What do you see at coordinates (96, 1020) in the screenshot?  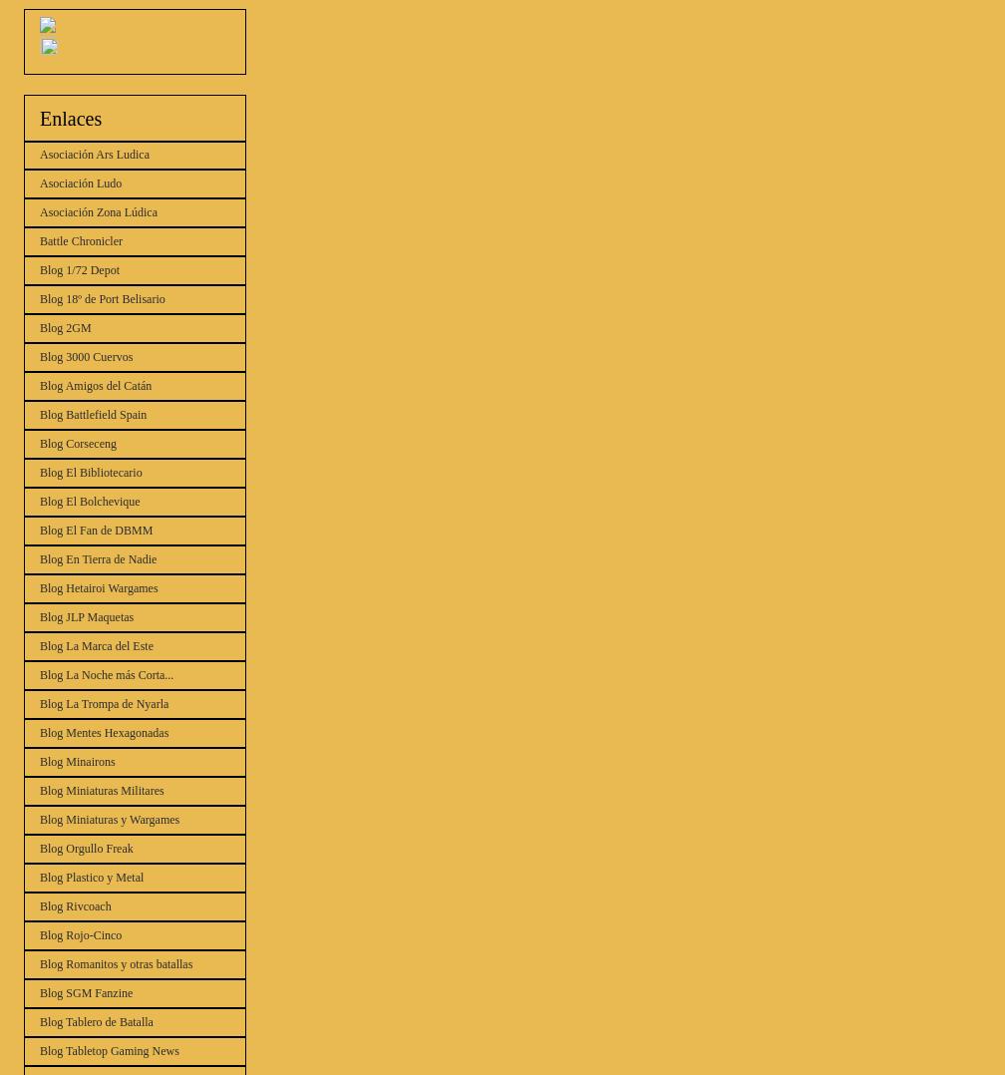 I see `'Blog Tablero de Batalla'` at bounding box center [96, 1020].